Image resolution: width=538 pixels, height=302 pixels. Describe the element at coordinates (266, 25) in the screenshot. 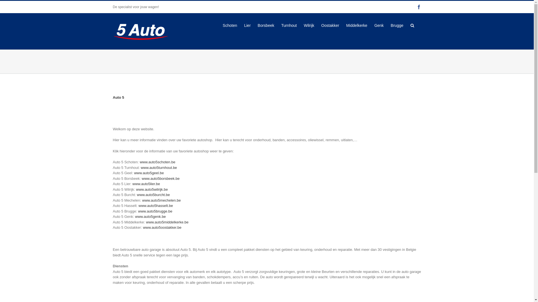

I see `'Borsbeek'` at that location.